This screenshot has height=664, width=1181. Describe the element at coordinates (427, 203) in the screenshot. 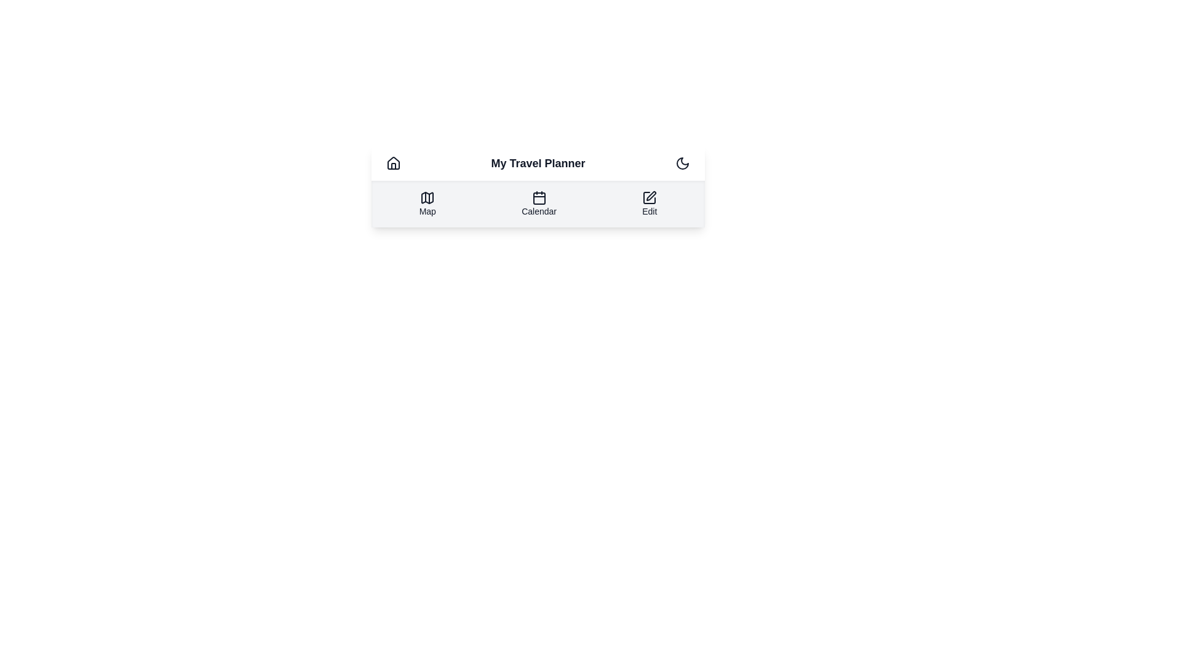

I see `the Map button to navigate to the corresponding section` at that location.